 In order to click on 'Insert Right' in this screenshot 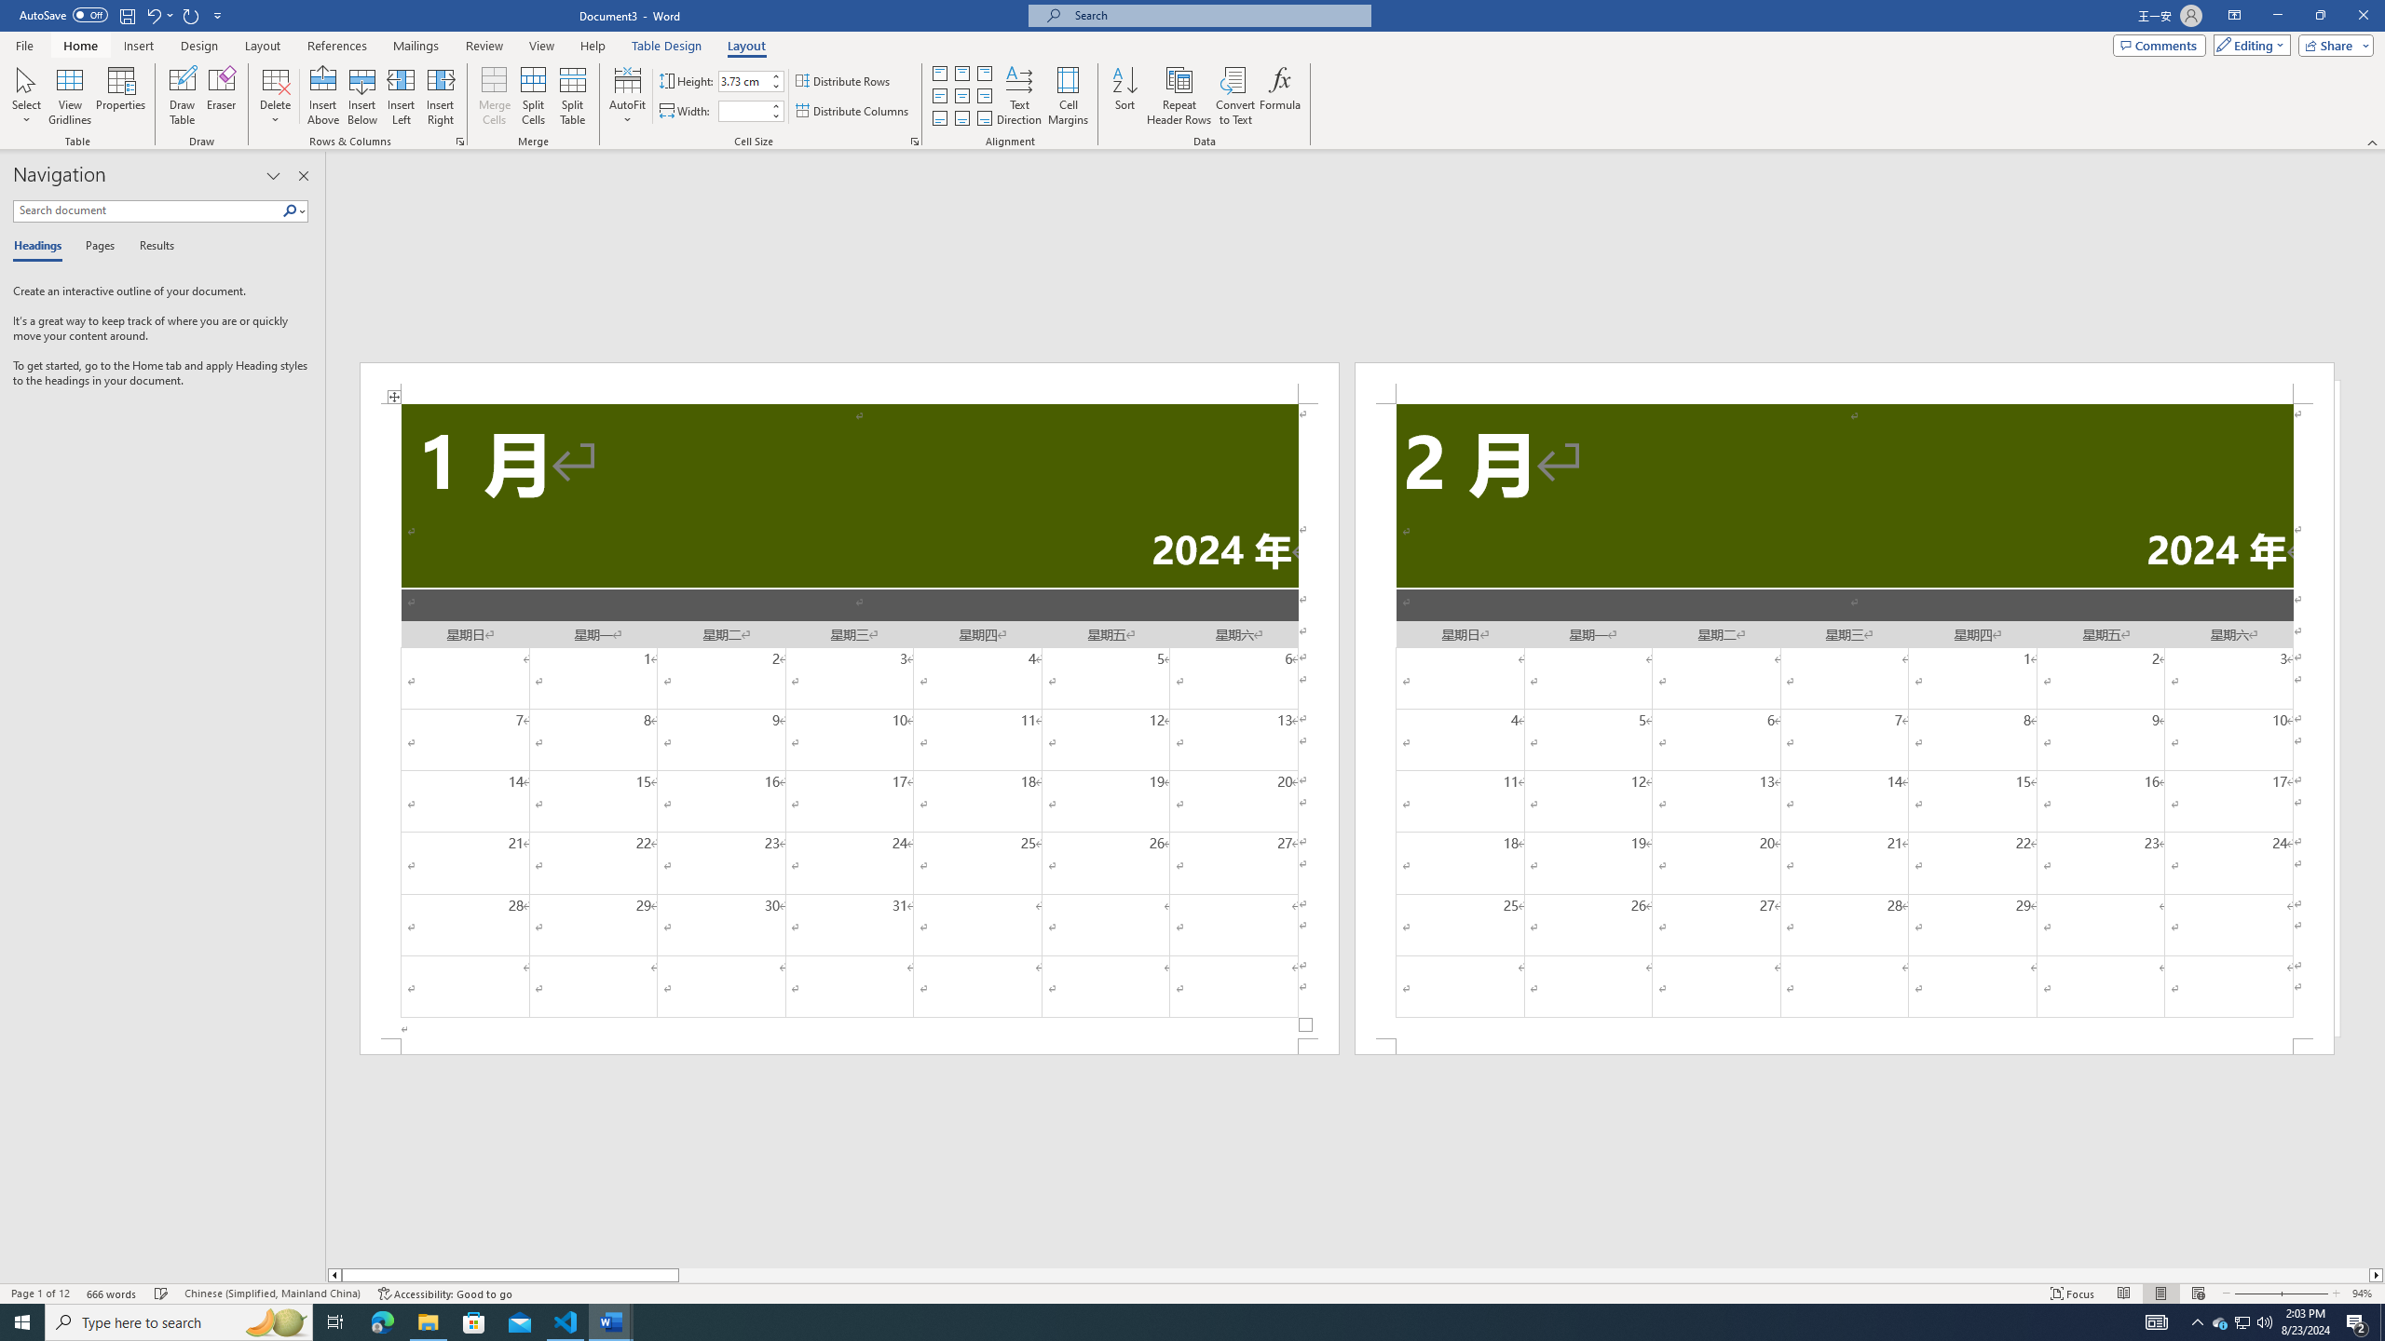, I will do `click(440, 96)`.